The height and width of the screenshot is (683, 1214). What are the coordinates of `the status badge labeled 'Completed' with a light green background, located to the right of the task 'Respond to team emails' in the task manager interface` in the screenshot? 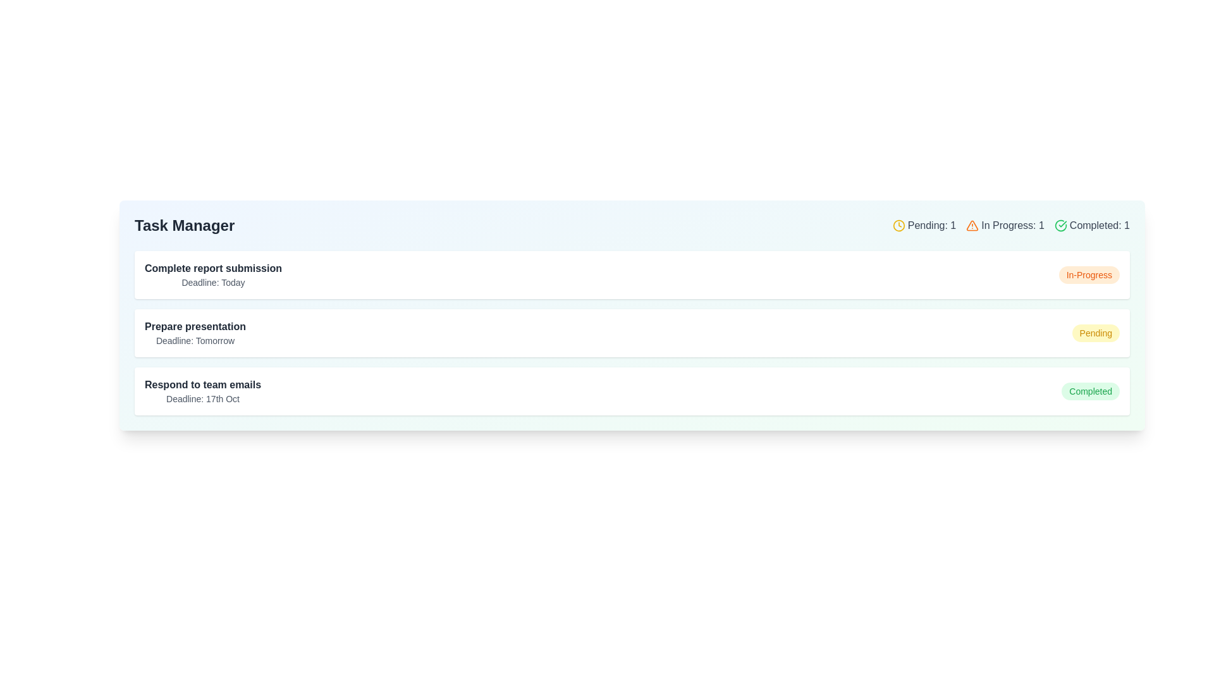 It's located at (1090, 390).